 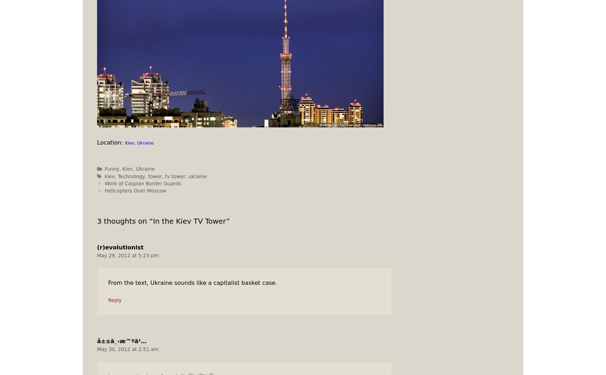 What do you see at coordinates (120, 247) in the screenshot?
I see `'(r)evolutionist'` at bounding box center [120, 247].